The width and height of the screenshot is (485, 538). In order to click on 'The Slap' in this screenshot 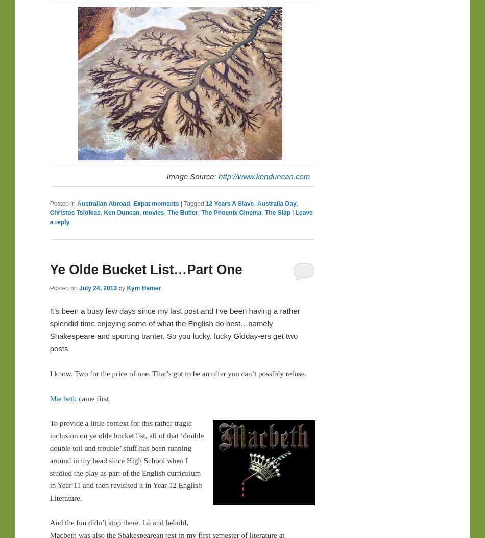, I will do `click(264, 212)`.